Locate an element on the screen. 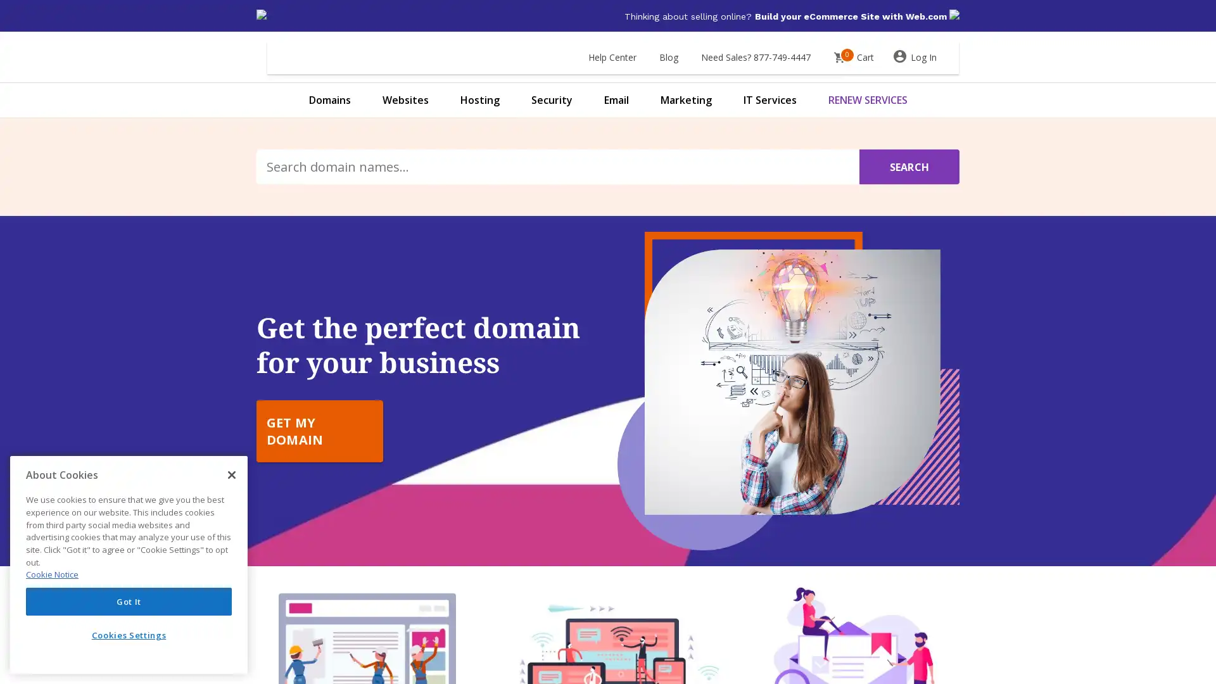 The width and height of the screenshot is (1216, 684). Explore your accessibility options is located at coordinates (20, 619).